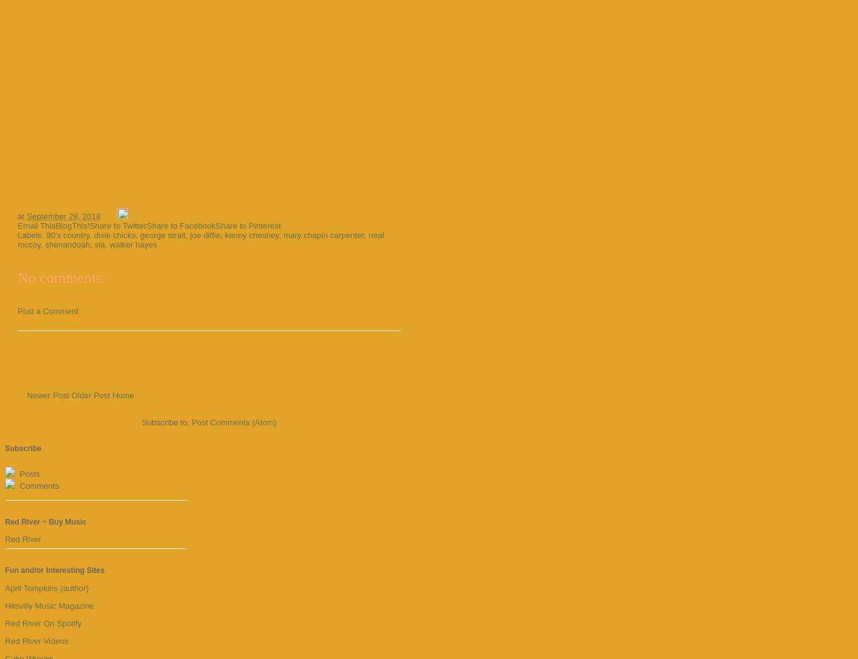 This screenshot has height=659, width=858. Describe the element at coordinates (200, 239) in the screenshot. I see `'neal mccoy'` at that location.